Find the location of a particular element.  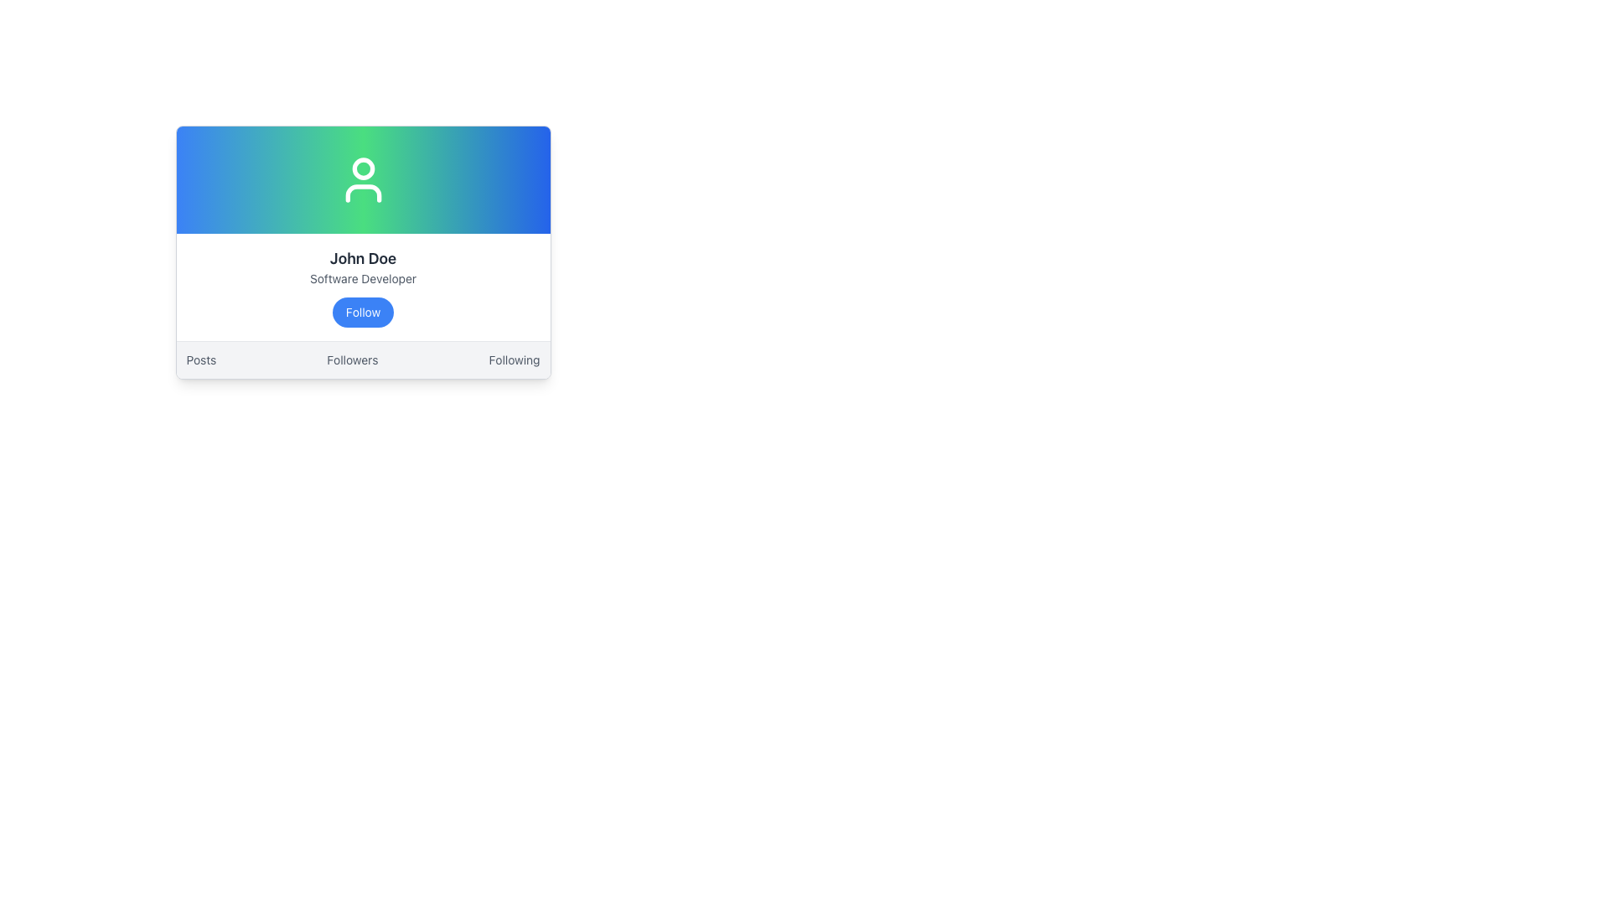

the Decorative header section located at the top of the profile card, which serves as a background for the user icon and spans the entire width of the card is located at coordinates (362, 180).